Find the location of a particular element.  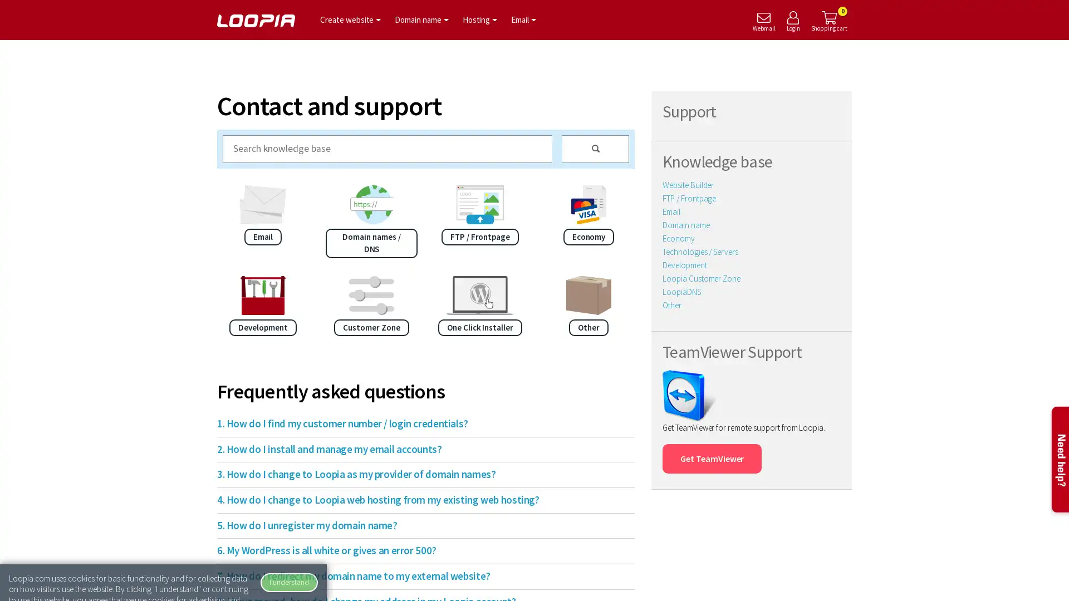

4. How do I change to Loopia web hosting from my existing web hosting? is located at coordinates (419, 499).